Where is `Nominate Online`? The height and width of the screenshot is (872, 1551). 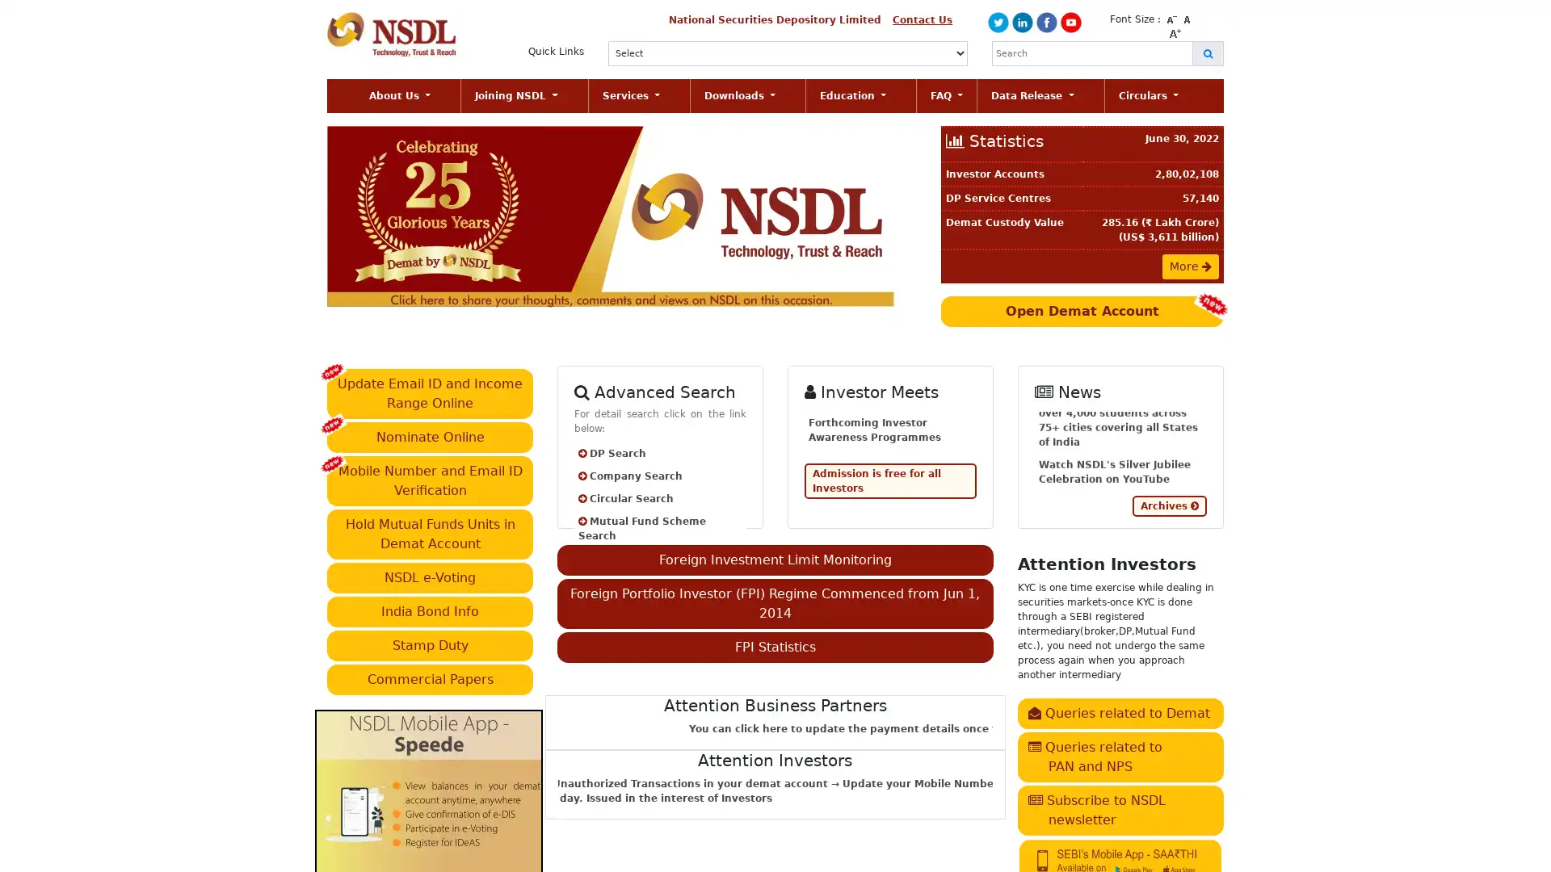 Nominate Online is located at coordinates (430, 436).